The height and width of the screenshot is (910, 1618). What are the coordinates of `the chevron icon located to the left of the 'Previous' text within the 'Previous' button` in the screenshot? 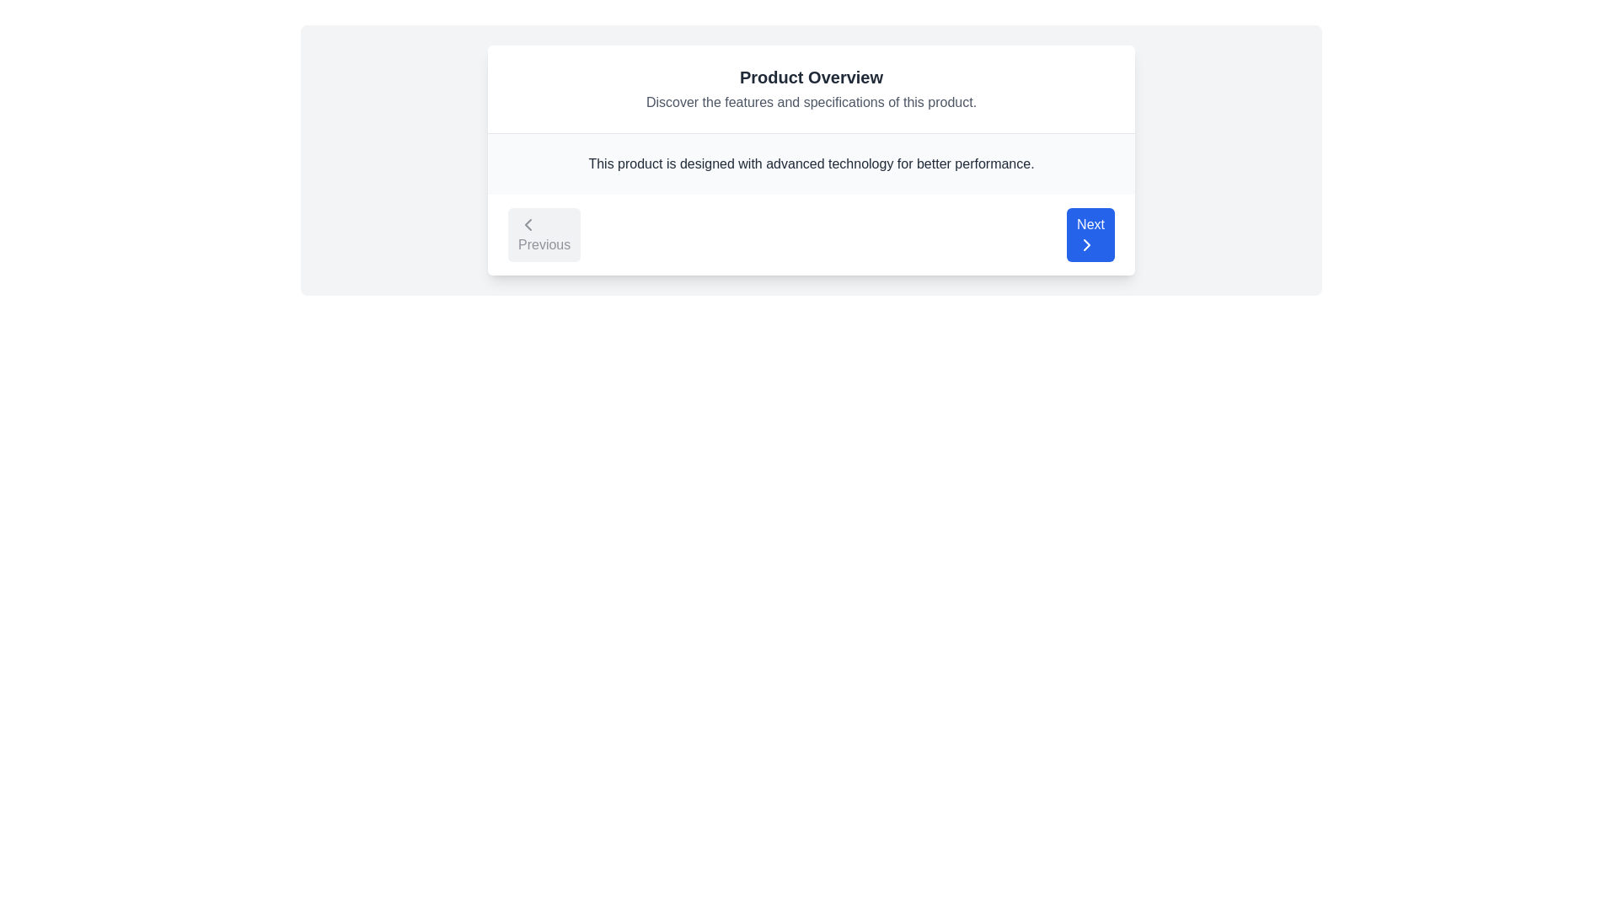 It's located at (528, 223).